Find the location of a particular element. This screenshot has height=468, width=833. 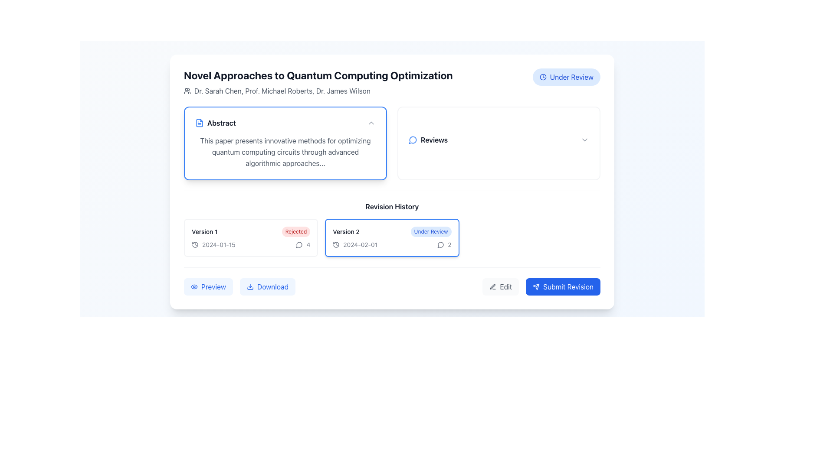

the first rectangular card in the 'Revision History' grid layout, which has the title 'Version 1' and a red badge labeled 'Rejected' is located at coordinates (250, 237).